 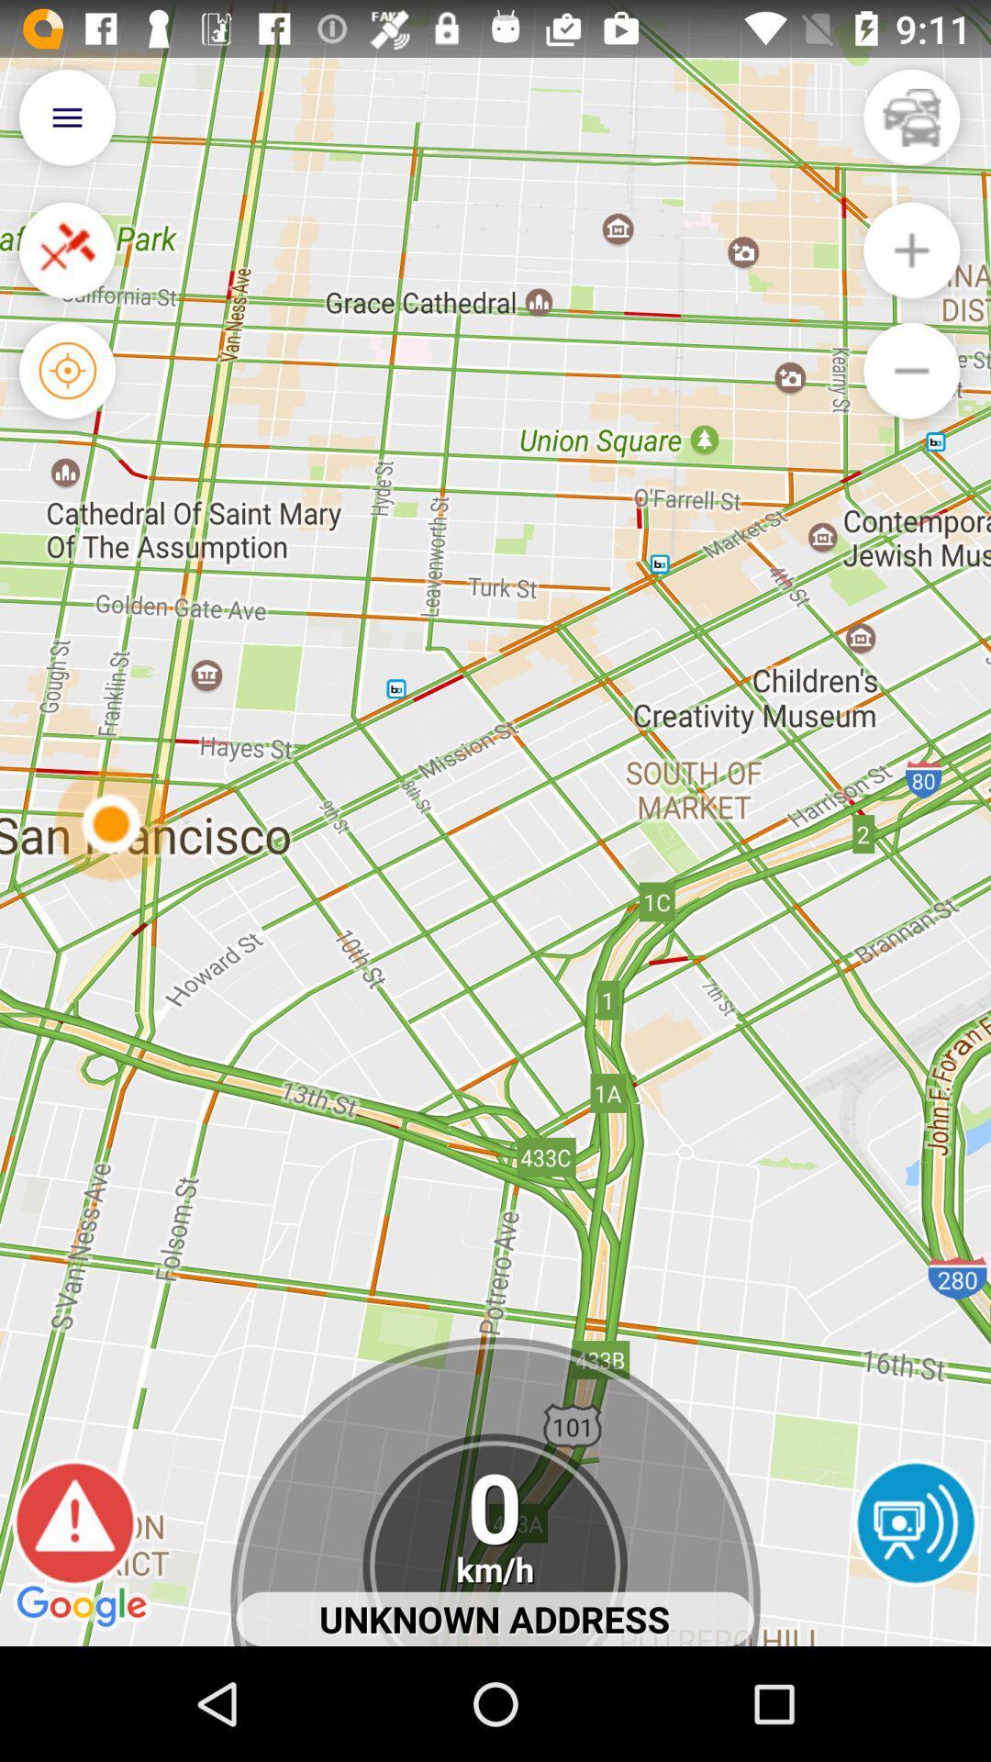 What do you see at coordinates (66, 396) in the screenshot?
I see `the location_crosshair icon` at bounding box center [66, 396].